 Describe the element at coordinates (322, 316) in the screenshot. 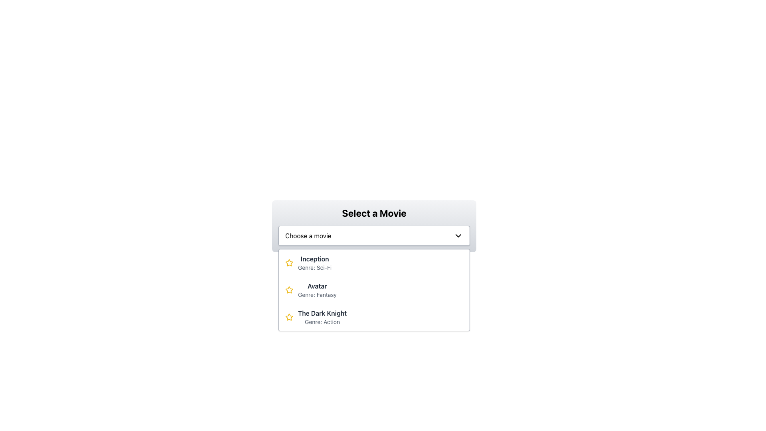

I see `the selectable list item displaying the text 'The Dark Knight'` at that location.